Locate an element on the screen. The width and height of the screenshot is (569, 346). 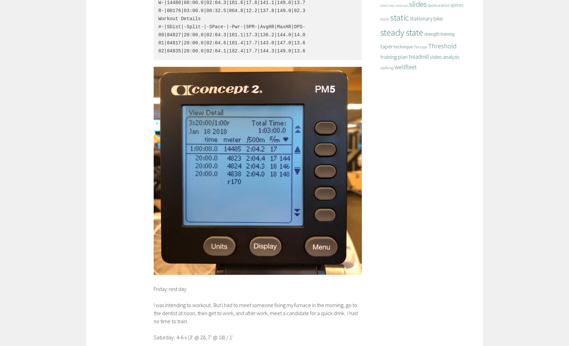
'Saturday:  4-6 x (3′ @ 28, 7′ @ 18) / 1′' is located at coordinates (193, 337).